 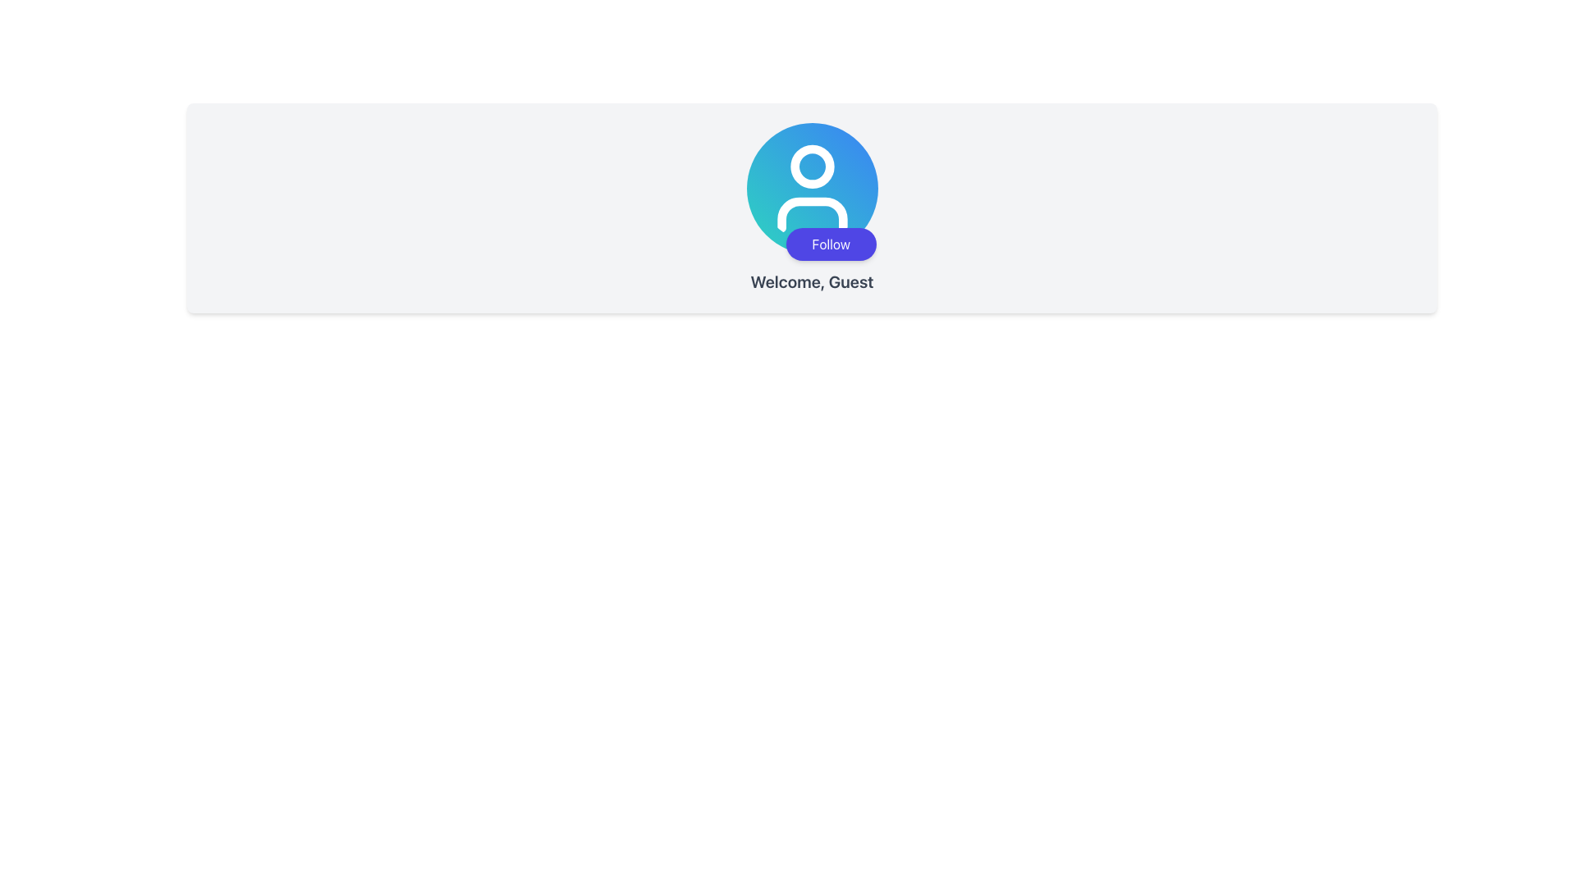 What do you see at coordinates (831, 244) in the screenshot?
I see `the 'Follow' button, which has a purple background and white text, located below the circular avatar image and near the 'Welcome, Guest' label` at bounding box center [831, 244].